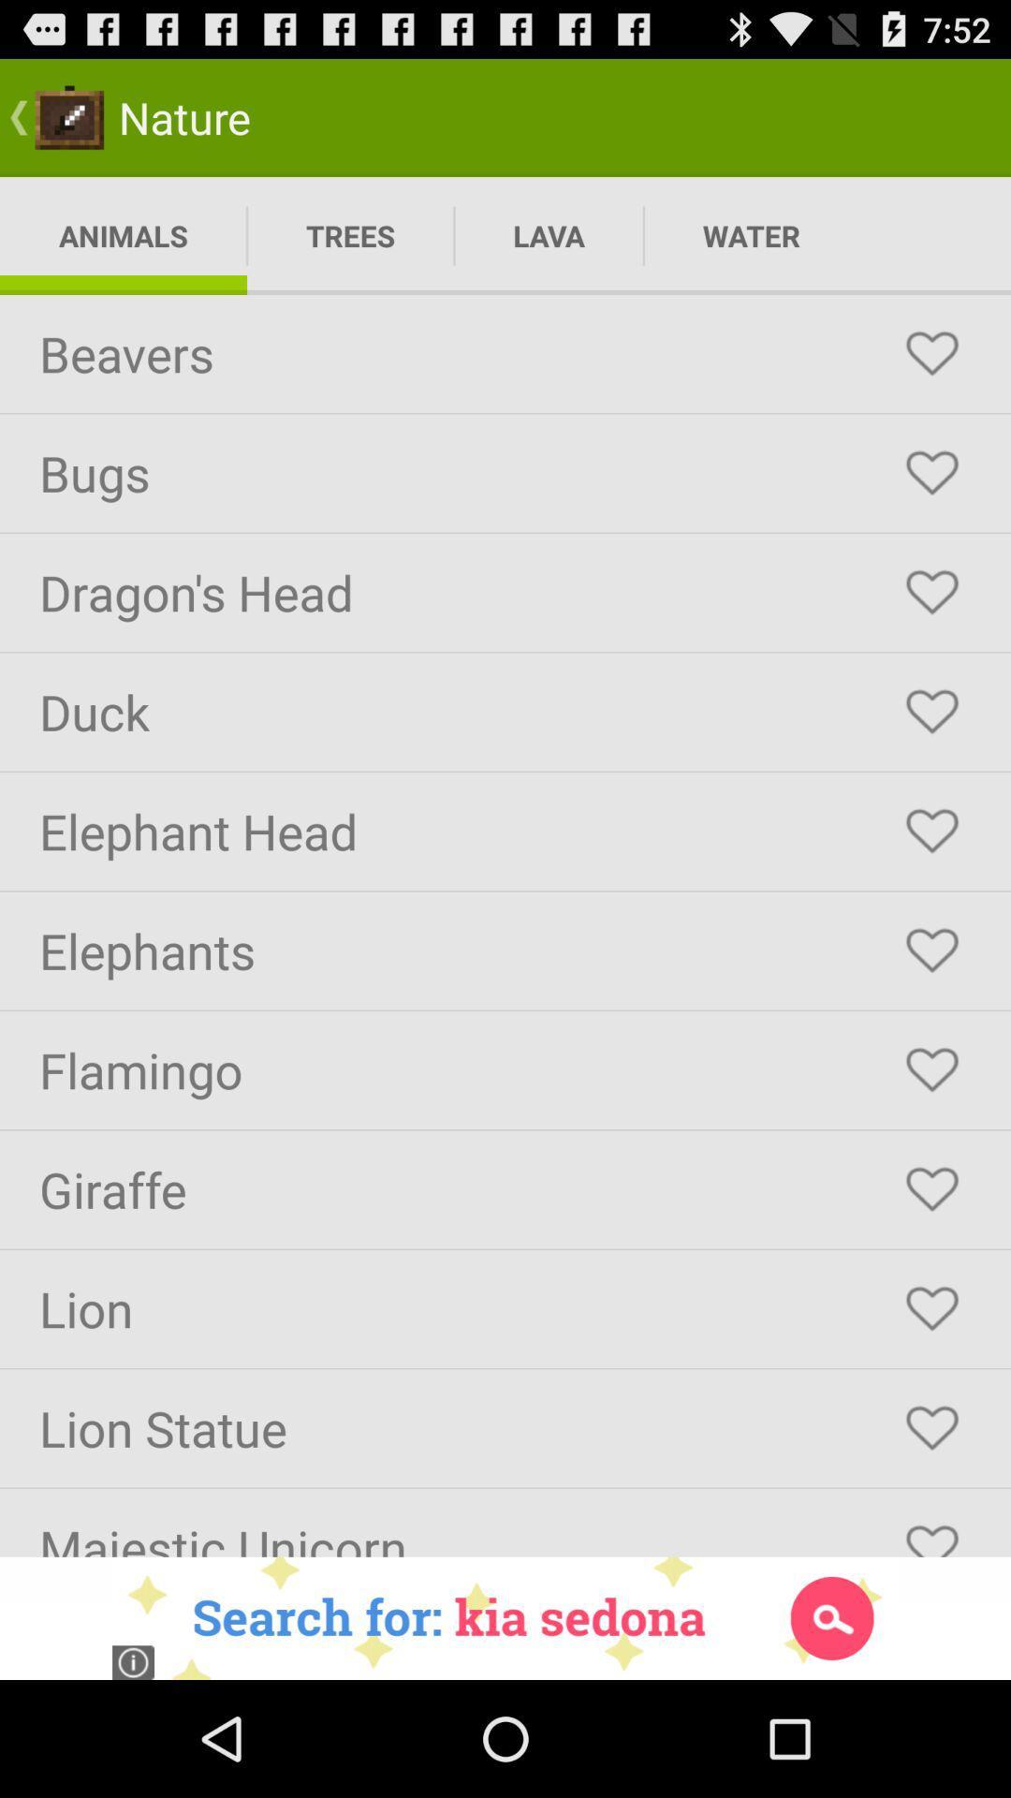 This screenshot has height=1798, width=1011. What do you see at coordinates (931, 1427) in the screenshot?
I see `favorite` at bounding box center [931, 1427].